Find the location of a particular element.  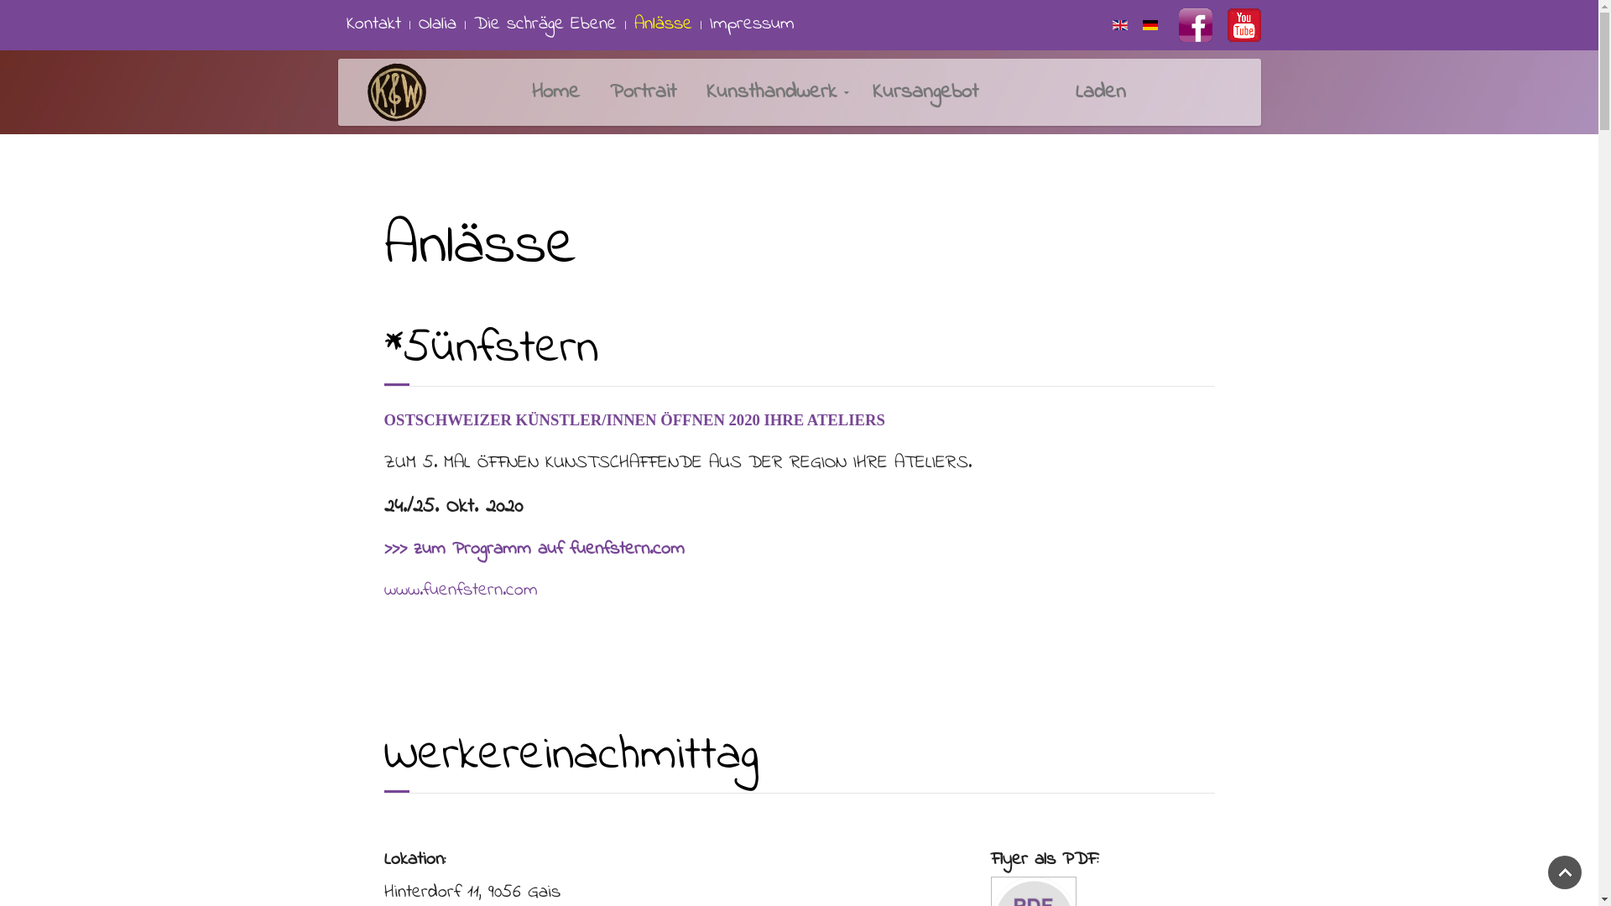

'>>> zum Programm auf fuenfstern.com' is located at coordinates (534, 549).